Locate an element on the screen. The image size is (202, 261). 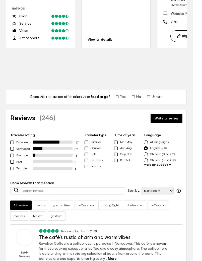
'More languages' is located at coordinates (143, 165).